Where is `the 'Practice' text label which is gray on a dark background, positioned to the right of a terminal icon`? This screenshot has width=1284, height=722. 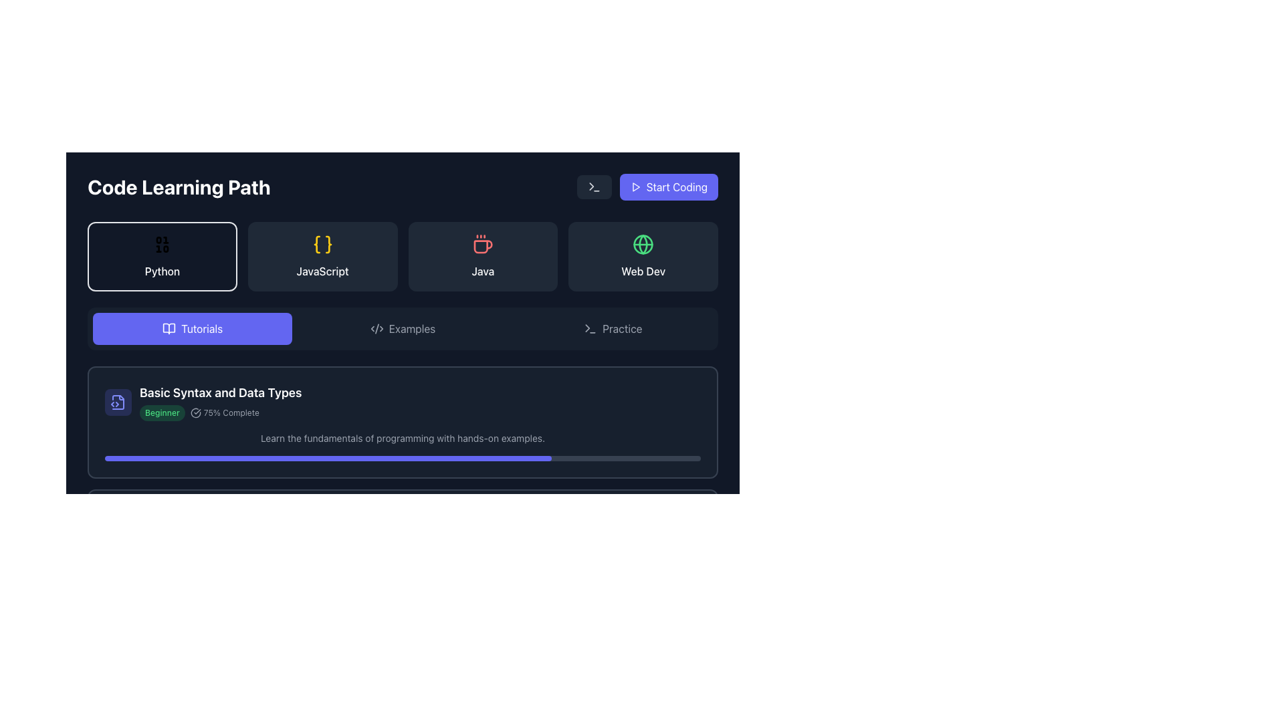 the 'Practice' text label which is gray on a dark background, positioned to the right of a terminal icon is located at coordinates (621, 329).